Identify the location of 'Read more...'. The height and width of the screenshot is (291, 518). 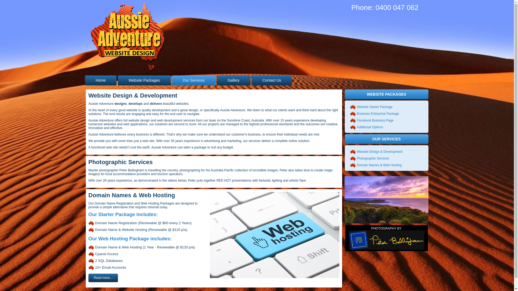
(88, 278).